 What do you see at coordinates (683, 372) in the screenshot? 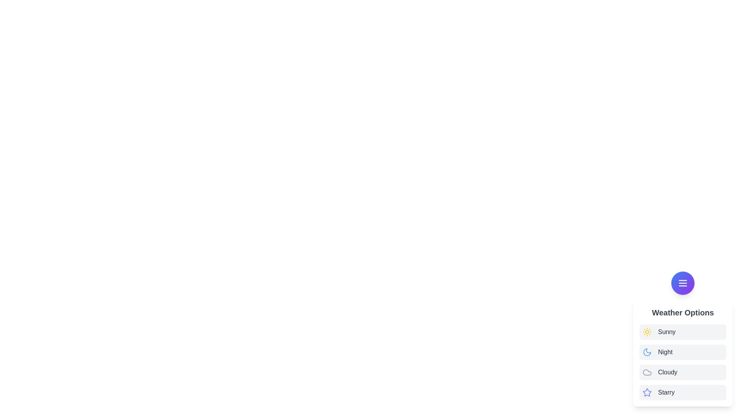
I see `the weather option Cloudy to observe hover effects` at bounding box center [683, 372].